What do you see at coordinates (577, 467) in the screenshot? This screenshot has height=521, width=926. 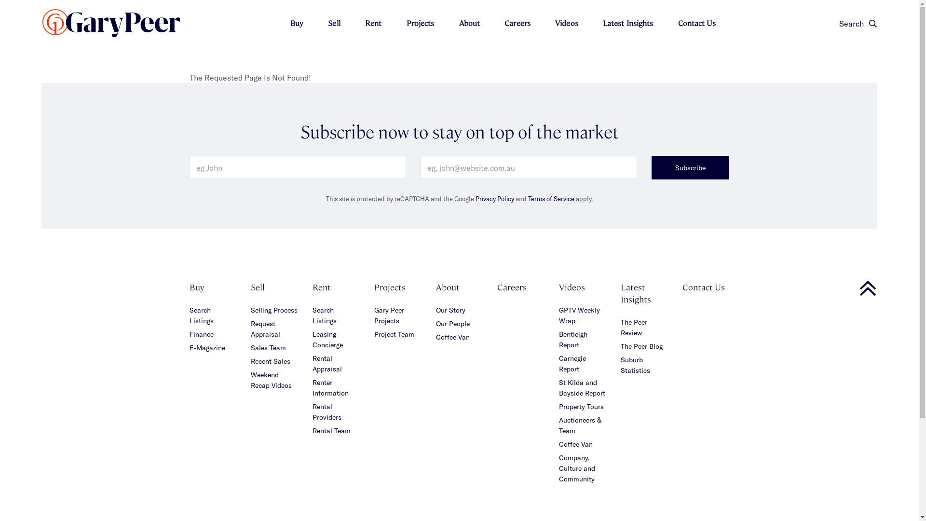 I see `'Company, Culture and Community'` at bounding box center [577, 467].